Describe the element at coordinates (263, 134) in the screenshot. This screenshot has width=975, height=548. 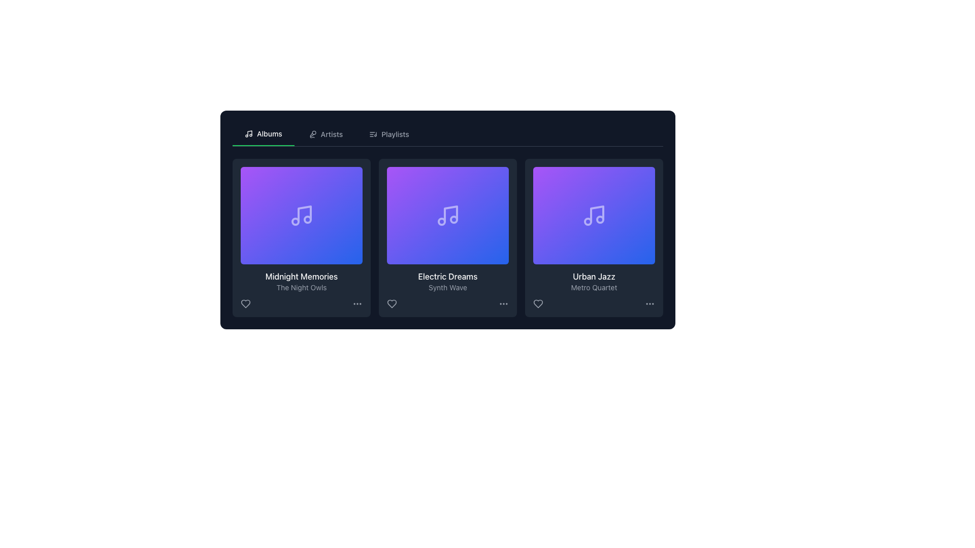
I see `the 'Albums' tab located in the top-left section of the horizontal navbar` at that location.